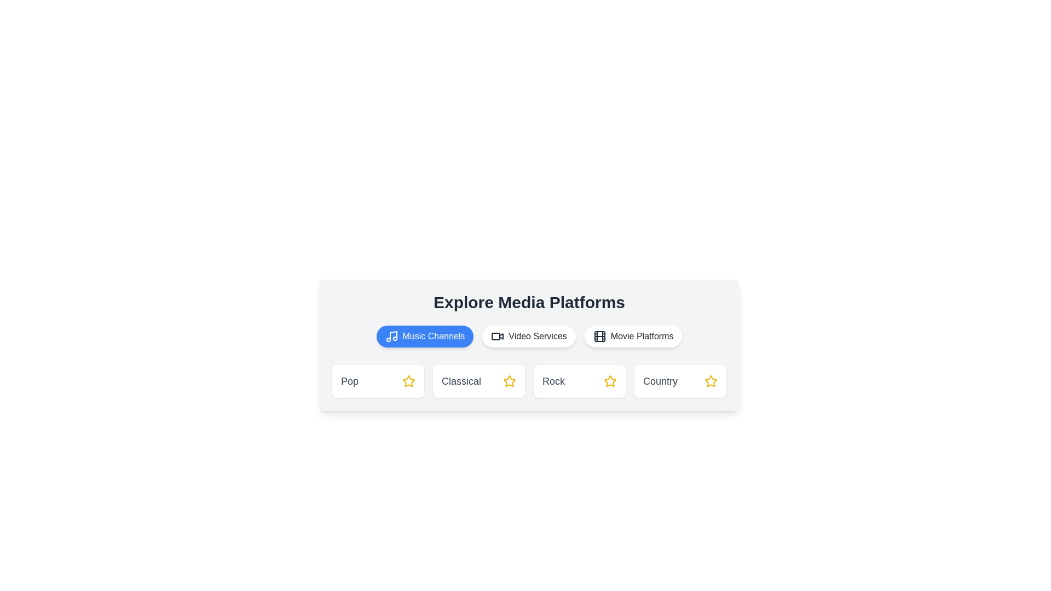 Image resolution: width=1051 pixels, height=591 pixels. Describe the element at coordinates (633, 335) in the screenshot. I see `the 'Movie Platforms' button, which is a rounded rectangle with a white background and a film reel icon on the left` at that location.